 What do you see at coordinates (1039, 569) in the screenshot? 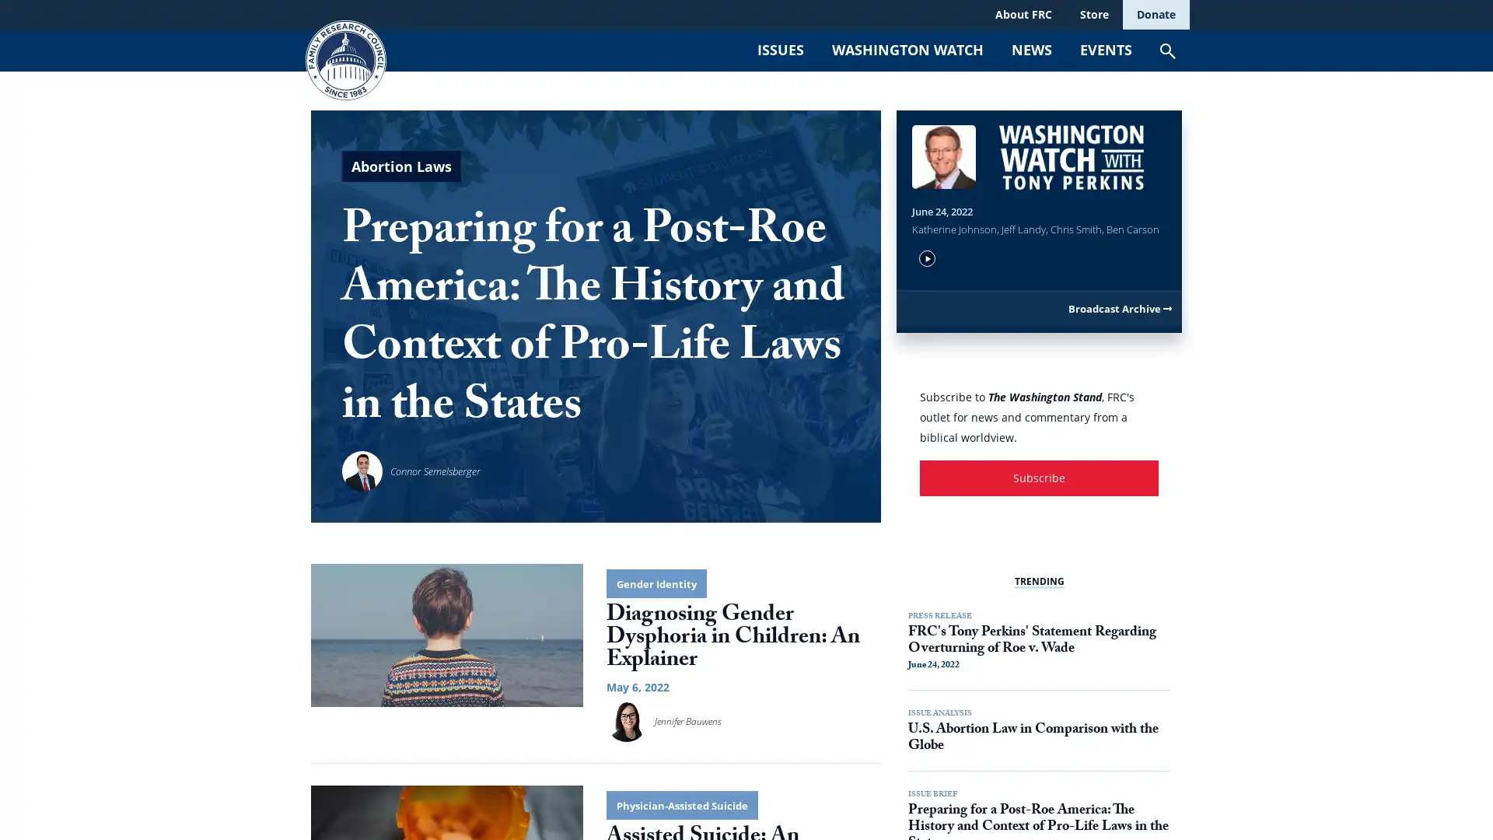
I see `Subscribe` at bounding box center [1039, 569].